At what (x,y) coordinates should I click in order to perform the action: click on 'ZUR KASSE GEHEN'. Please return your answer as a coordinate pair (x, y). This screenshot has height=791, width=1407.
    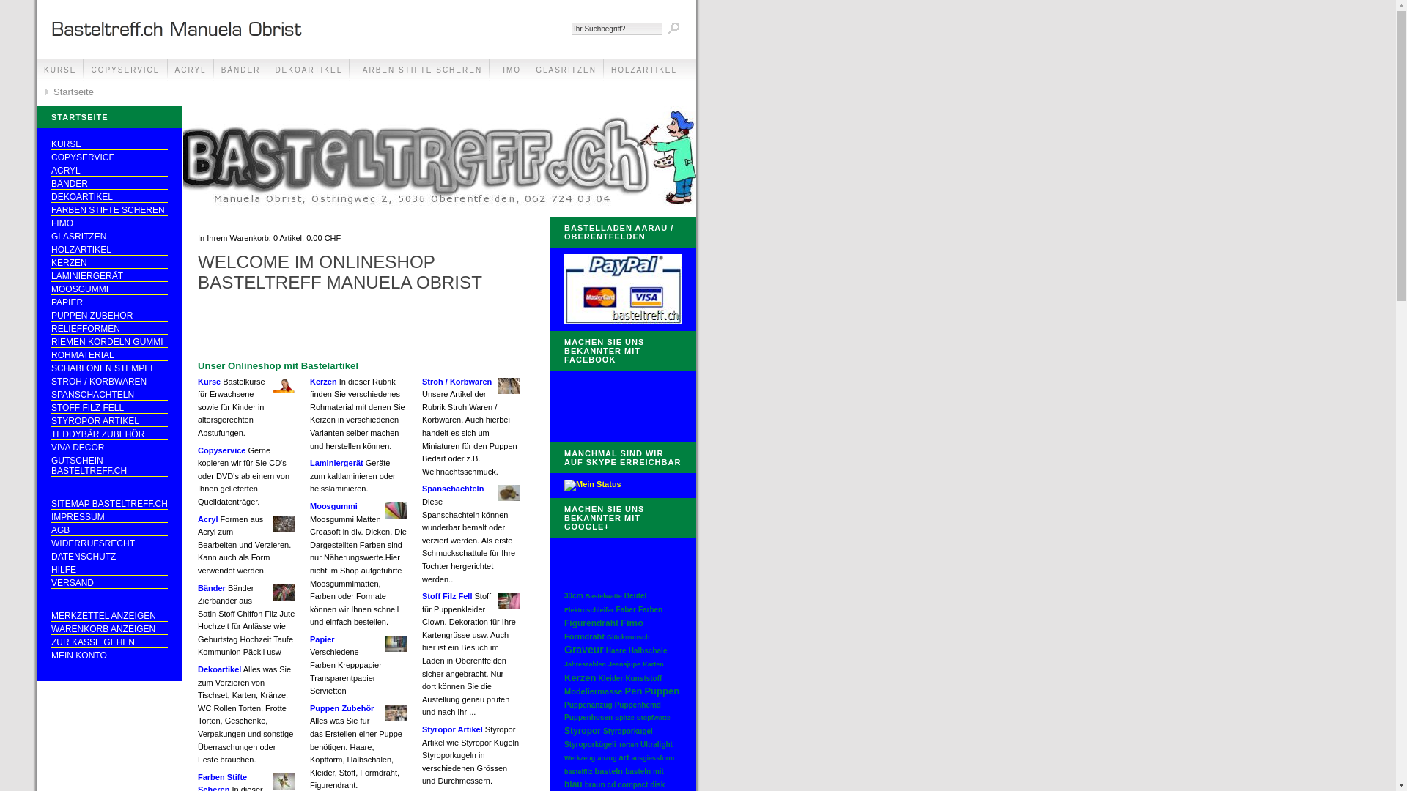
    Looking at the image, I should click on (108, 642).